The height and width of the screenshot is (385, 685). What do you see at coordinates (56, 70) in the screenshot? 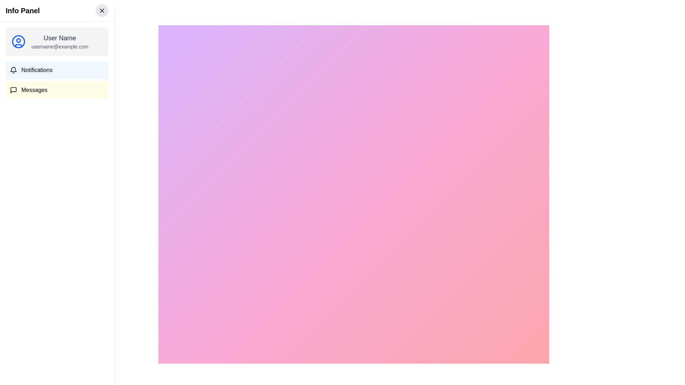
I see `the 'Notifications' button` at bounding box center [56, 70].